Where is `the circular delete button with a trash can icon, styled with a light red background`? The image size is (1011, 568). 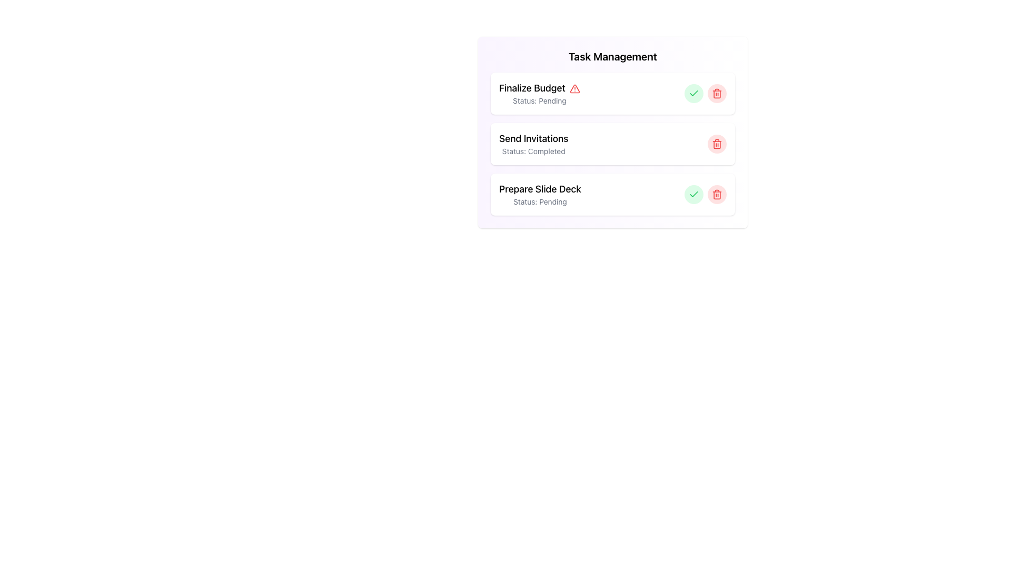 the circular delete button with a trash can icon, styled with a light red background is located at coordinates (717, 144).